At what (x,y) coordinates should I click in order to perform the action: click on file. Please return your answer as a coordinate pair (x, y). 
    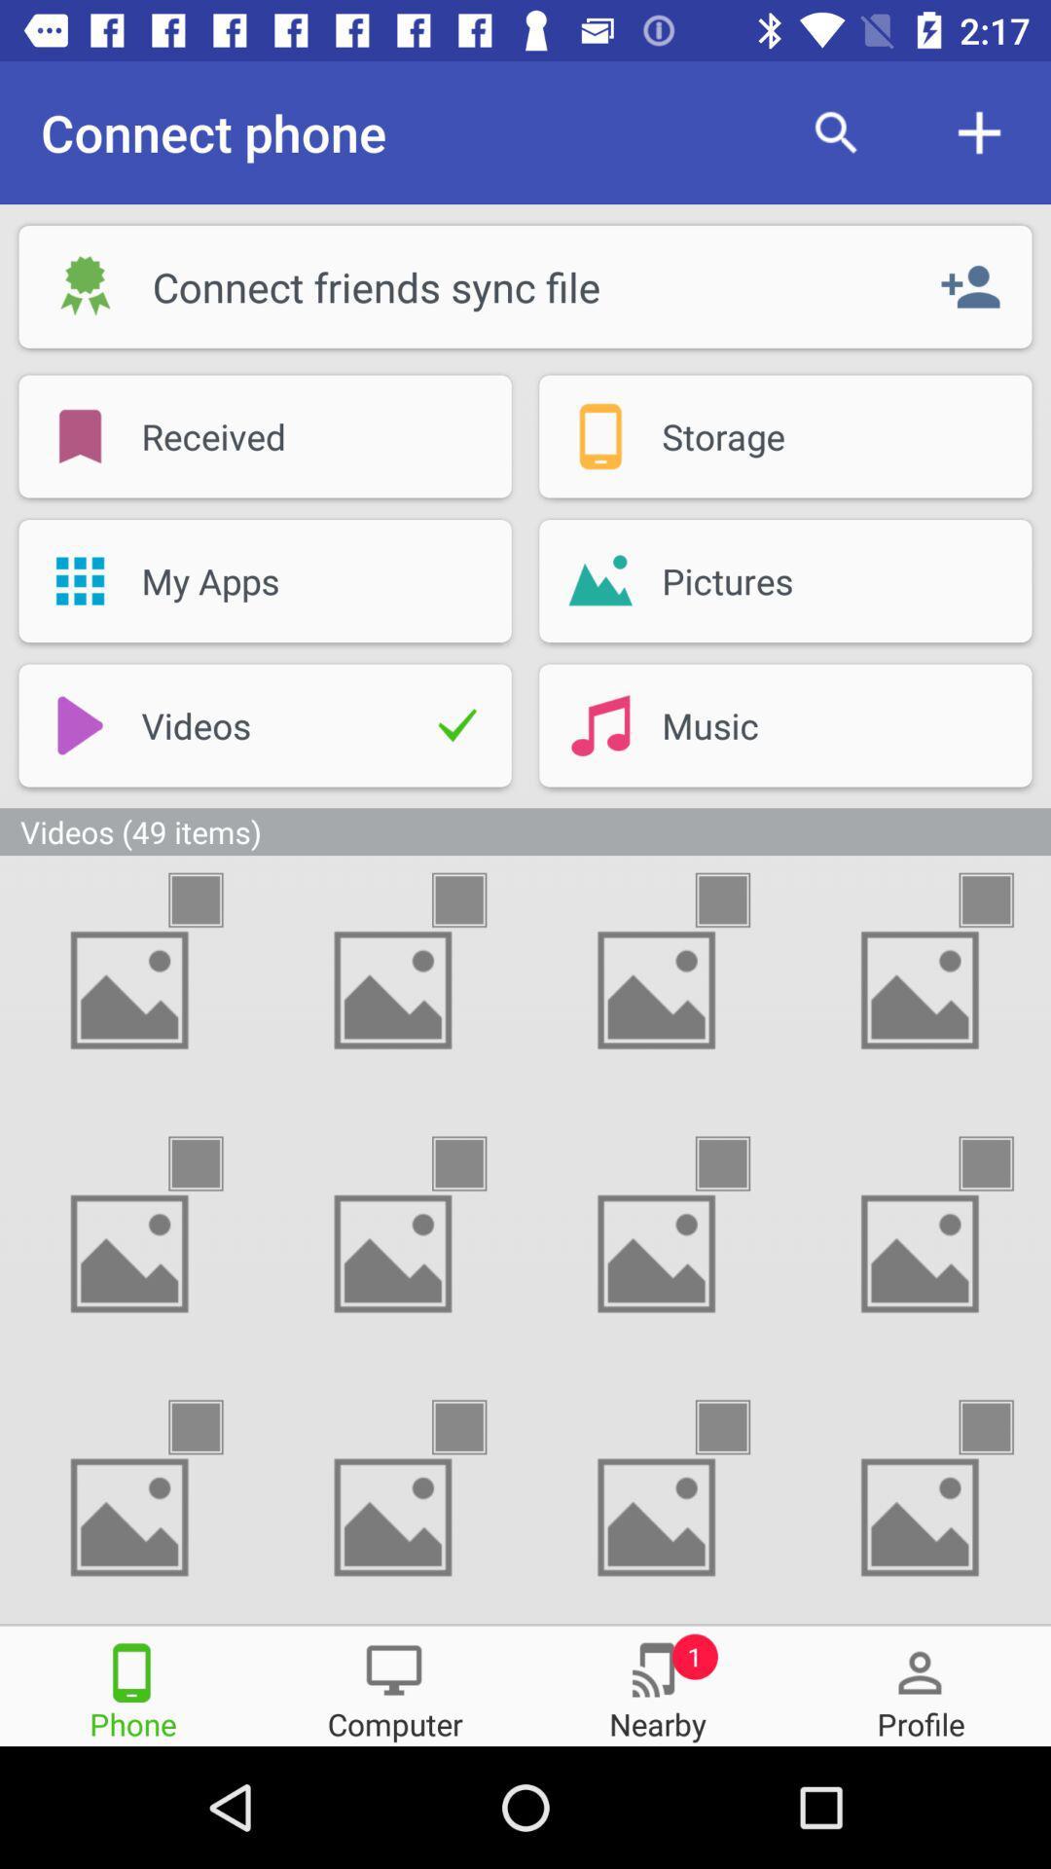
    Looking at the image, I should click on (740, 898).